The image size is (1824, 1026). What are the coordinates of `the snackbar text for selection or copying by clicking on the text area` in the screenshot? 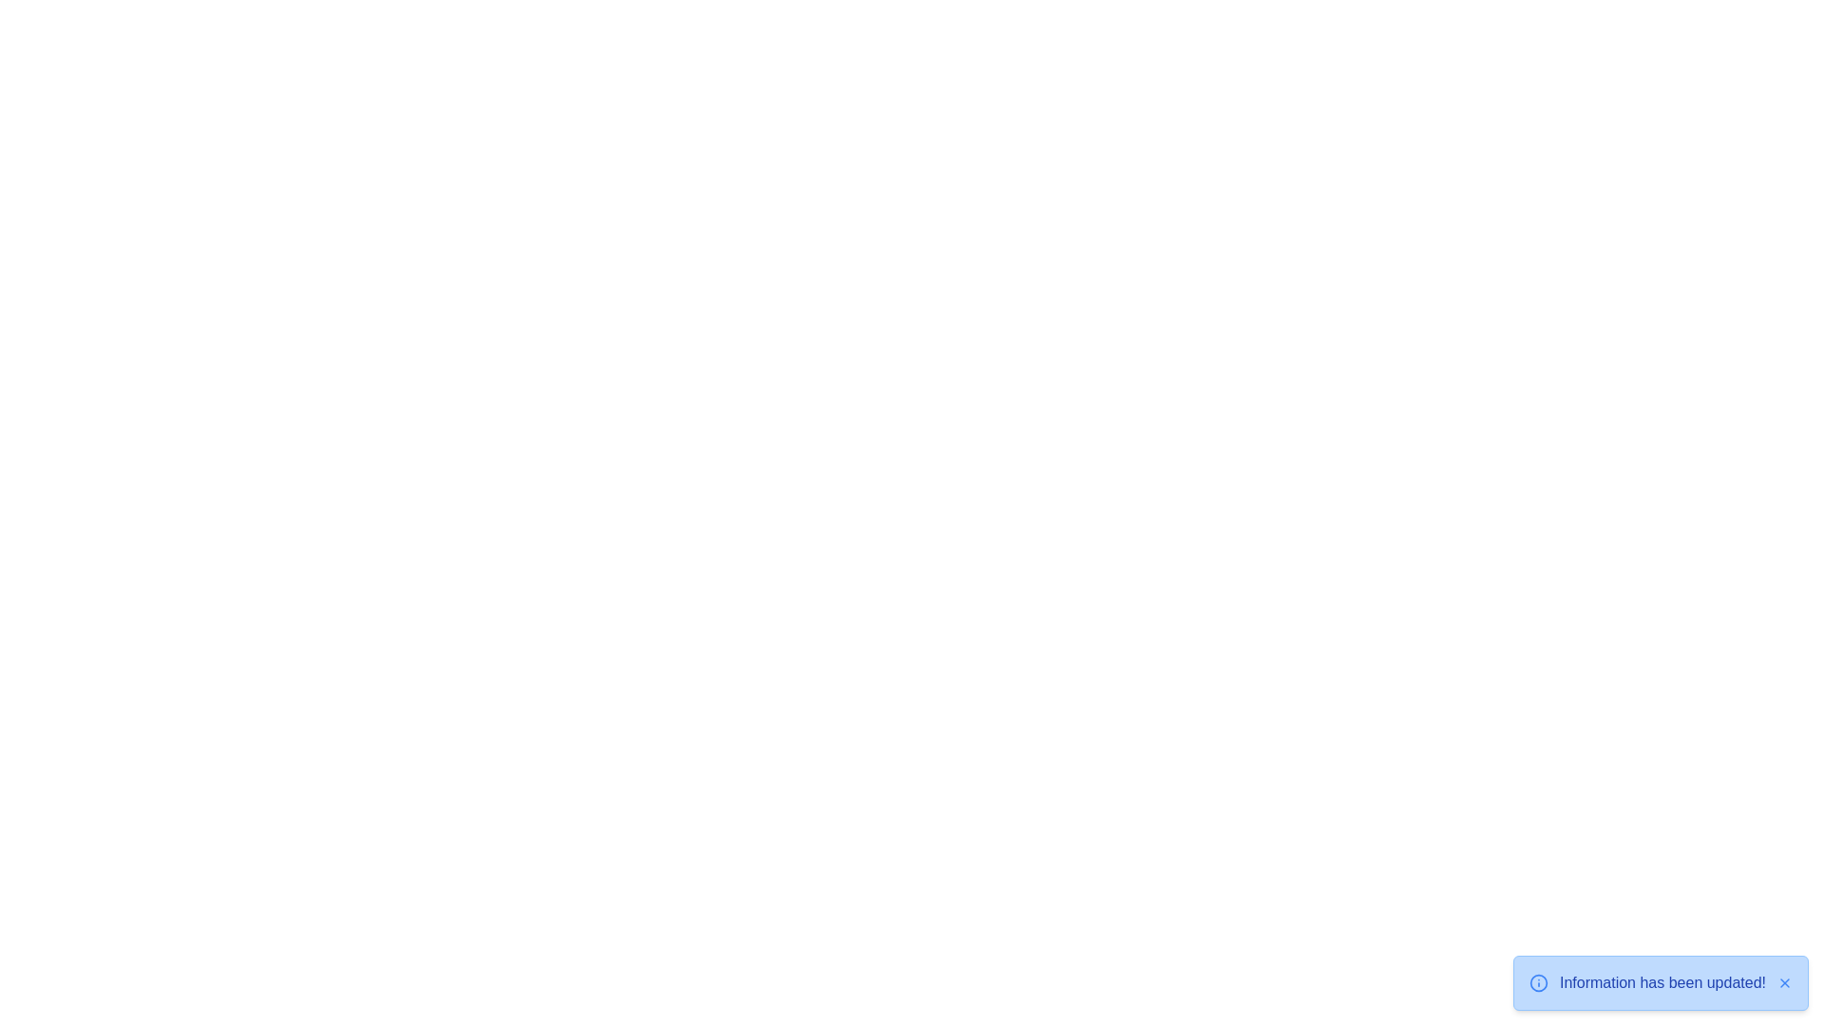 It's located at (1662, 982).